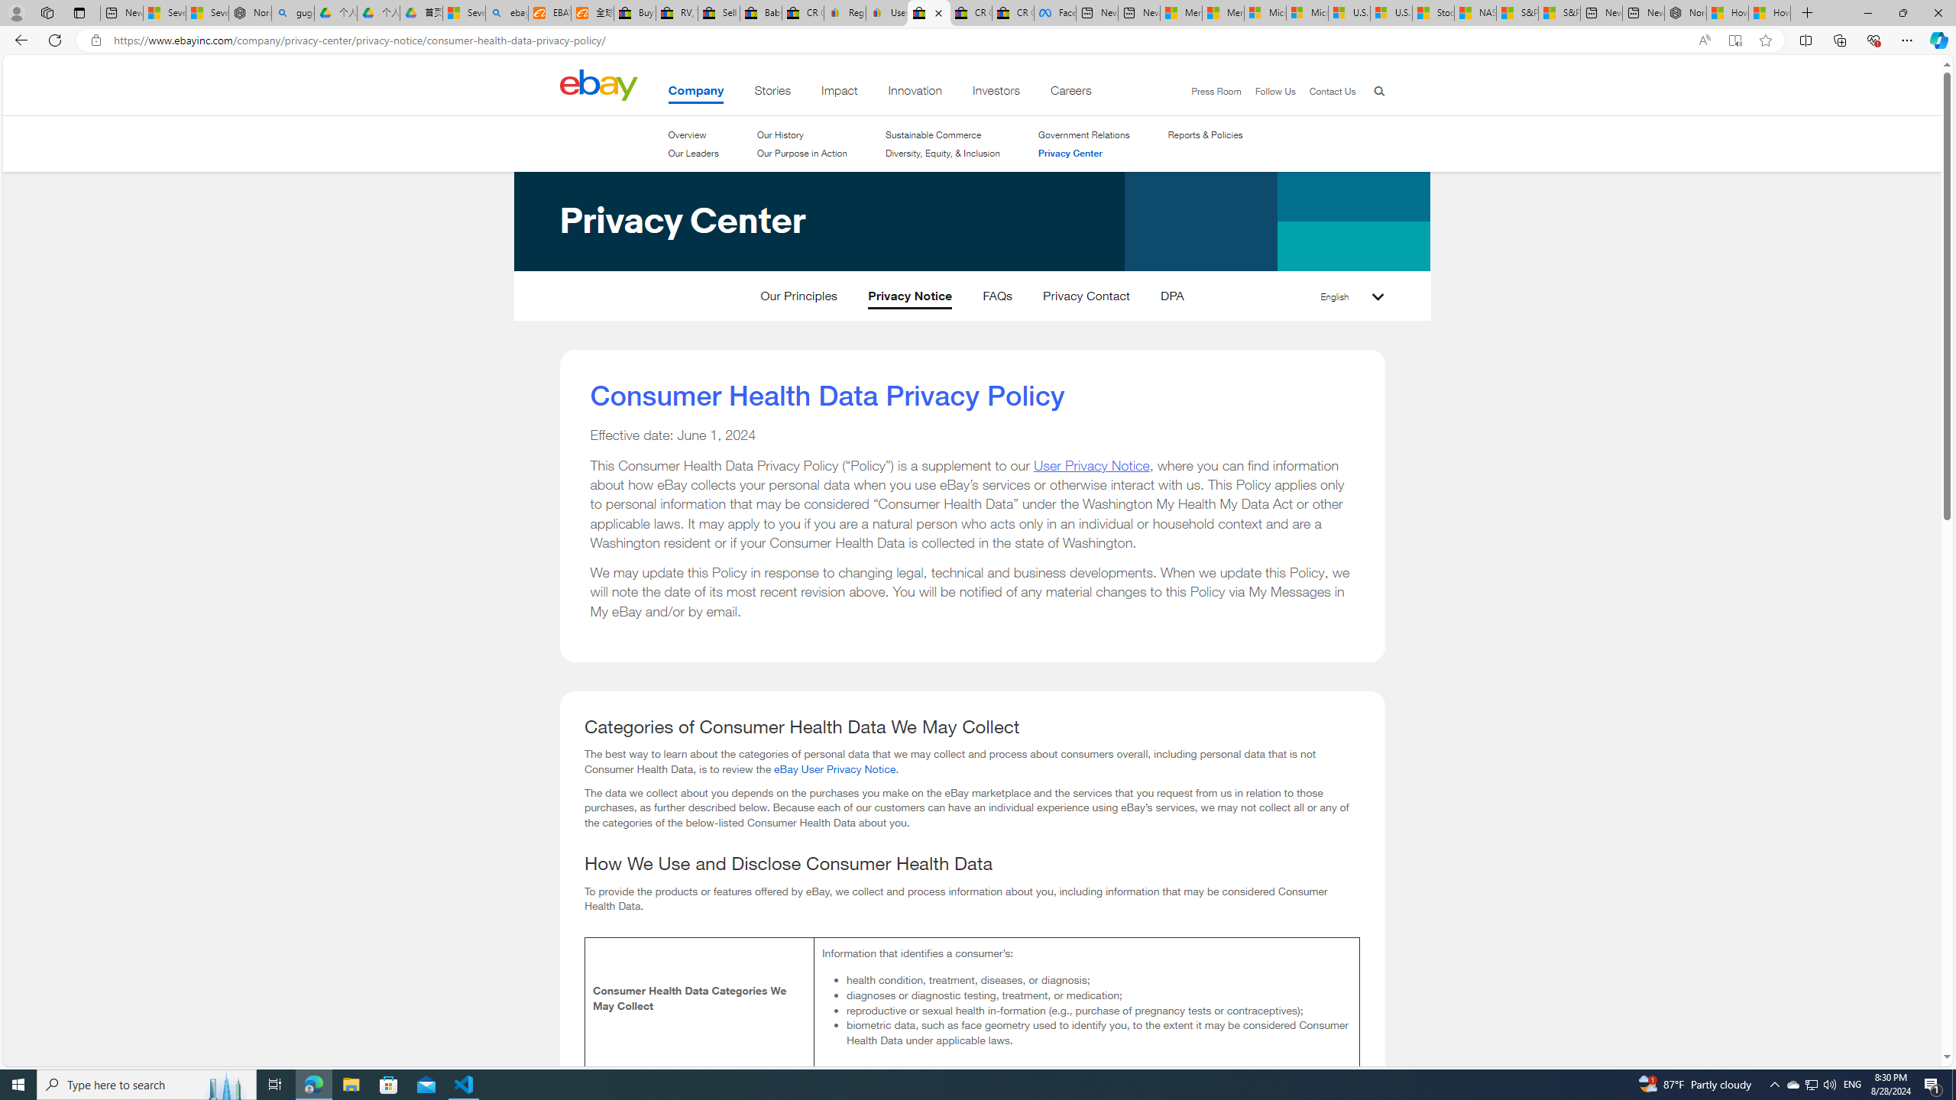 Image resolution: width=1956 pixels, height=1100 pixels. Describe the element at coordinates (692, 152) in the screenshot. I see `'Our Leaders'` at that location.